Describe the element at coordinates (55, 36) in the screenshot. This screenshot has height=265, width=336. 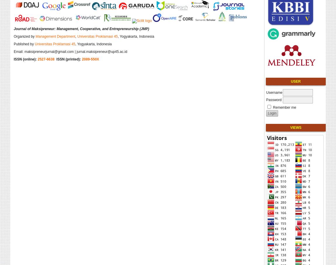
I see `'Management Department'` at that location.